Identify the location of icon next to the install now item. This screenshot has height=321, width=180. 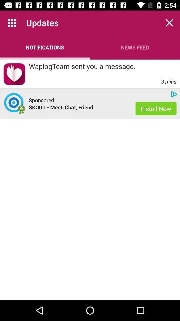
(41, 100).